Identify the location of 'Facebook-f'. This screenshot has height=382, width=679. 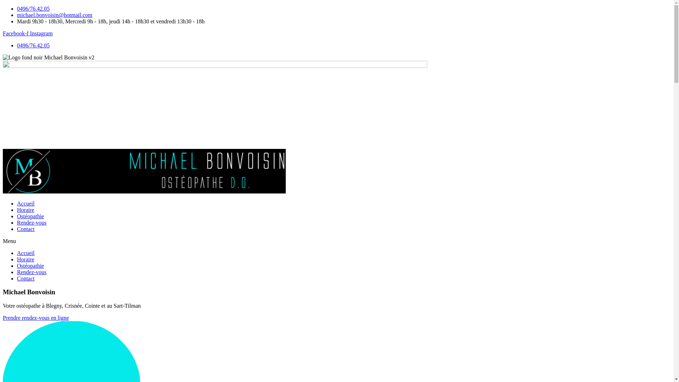
(16, 33).